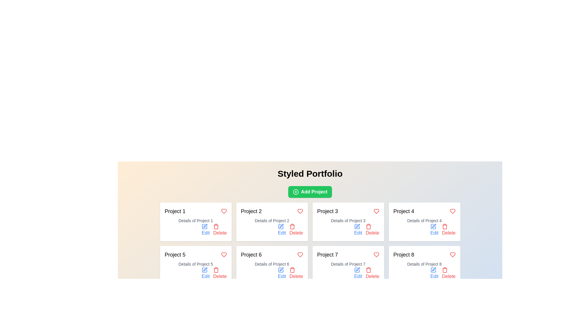  What do you see at coordinates (196, 264) in the screenshot?
I see `the Text label providing a descriptive subtitle for the project labeled 'Project 5', located within the card in the second row and first column of the grid layout` at bounding box center [196, 264].